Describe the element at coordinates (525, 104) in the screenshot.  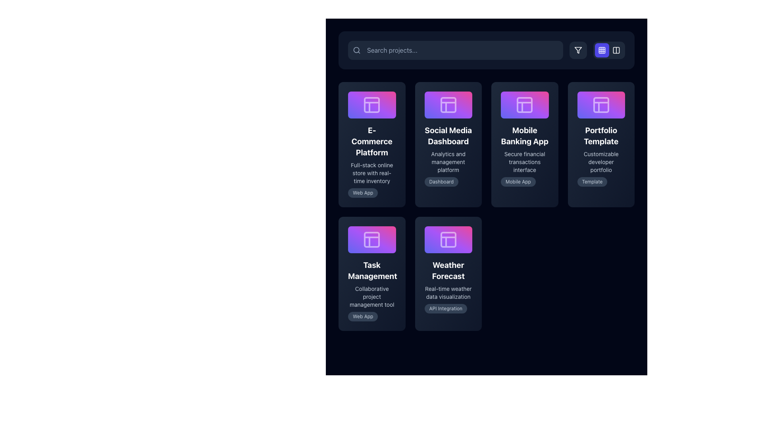
I see `the icon representing the 'Mobile Banking App' project, which is visually part of the card design and located in the second row, third column of the project card grid` at that location.